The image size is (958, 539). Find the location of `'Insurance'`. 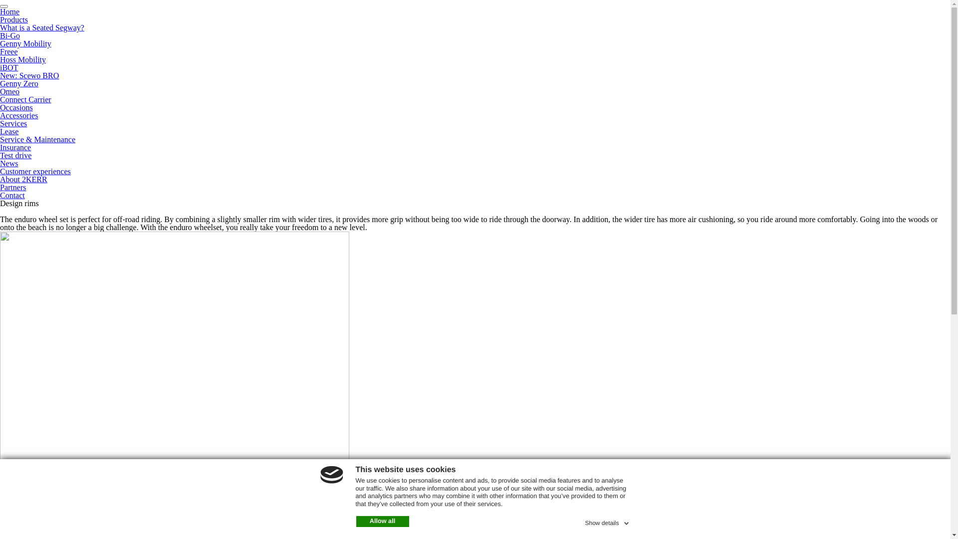

'Insurance' is located at coordinates (15, 147).